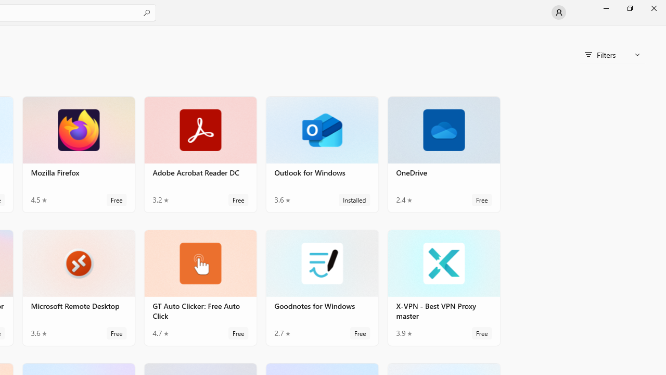 The image size is (666, 375). What do you see at coordinates (612, 55) in the screenshot?
I see `'Filters'` at bounding box center [612, 55].